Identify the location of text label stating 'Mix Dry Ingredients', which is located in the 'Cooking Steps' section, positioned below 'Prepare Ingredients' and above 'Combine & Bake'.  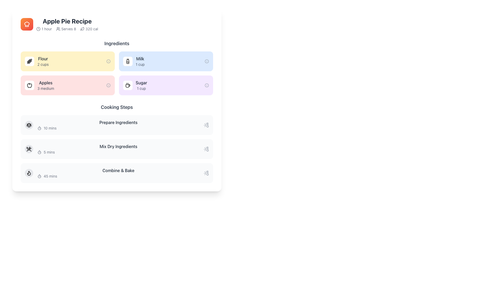
(118, 146).